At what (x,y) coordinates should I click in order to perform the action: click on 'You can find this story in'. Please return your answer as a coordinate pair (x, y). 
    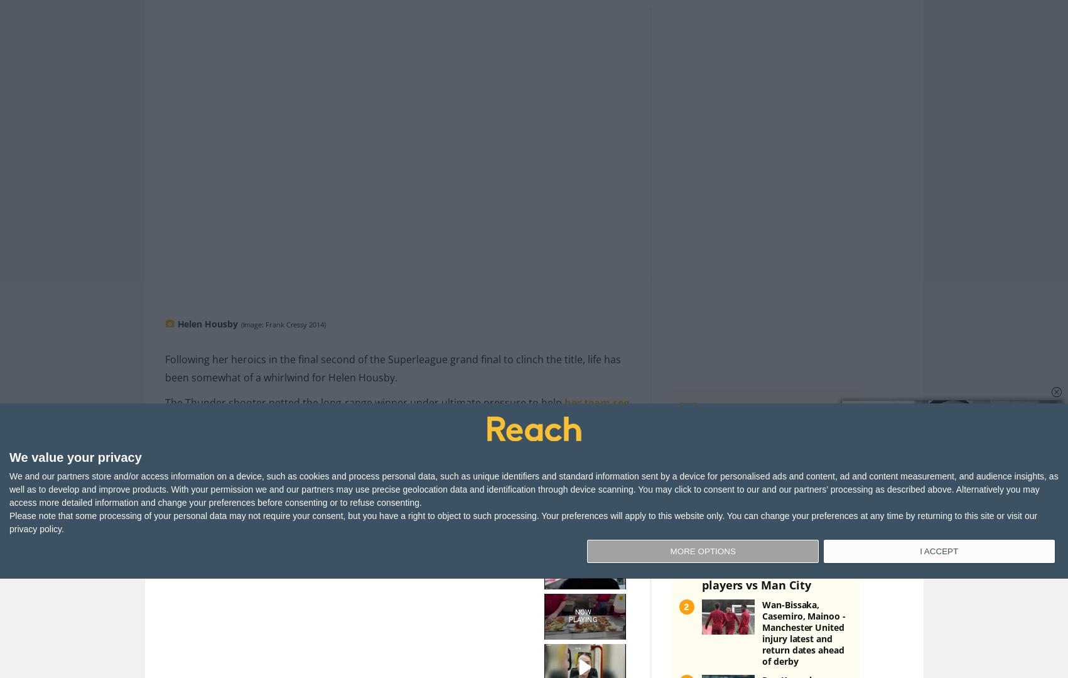
    Looking at the image, I should click on (494, 511).